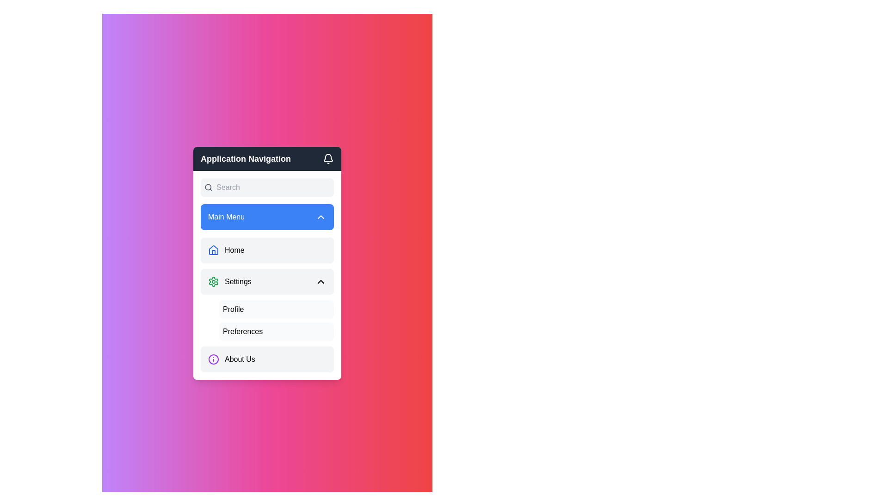 This screenshot has height=499, width=888. I want to click on the downward-facing chevron dropdown toggle icon located to the far right of the 'Settings' label in the vertical navigation menu, so click(321, 281).